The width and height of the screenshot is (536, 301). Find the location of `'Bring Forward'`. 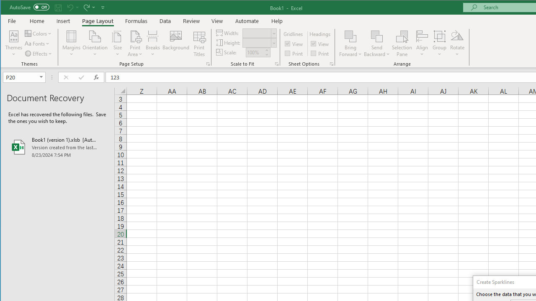

'Bring Forward' is located at coordinates (350, 36).